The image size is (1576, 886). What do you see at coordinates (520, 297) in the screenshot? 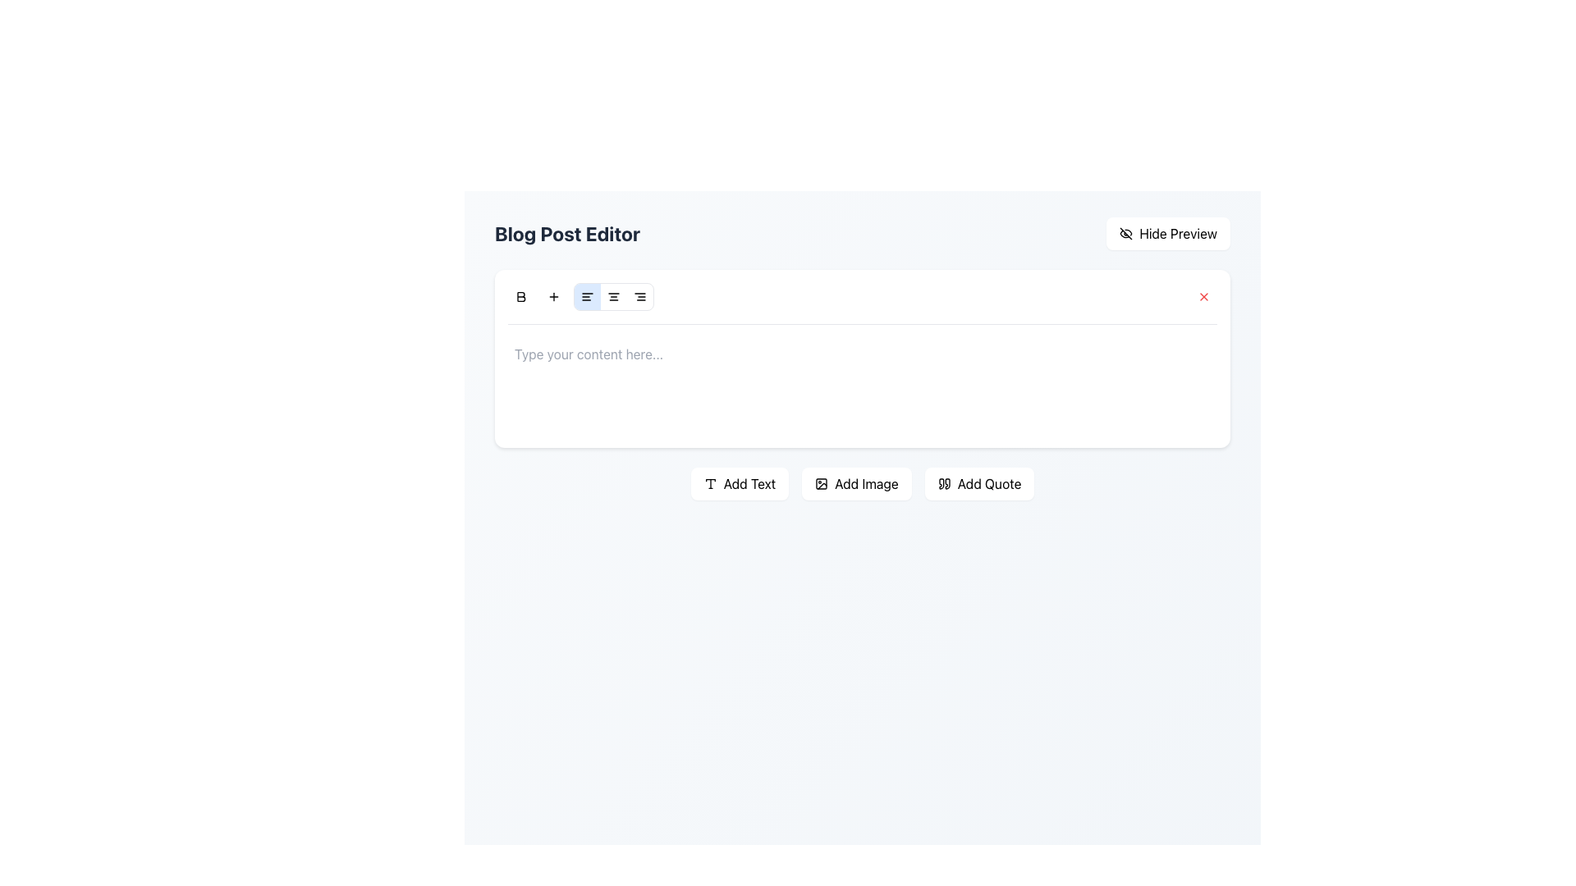
I see `the bold-style 'B' icon button, which is an SVG image located at the top-left of the content toolbar in the Blog Post Editor interface` at bounding box center [520, 297].